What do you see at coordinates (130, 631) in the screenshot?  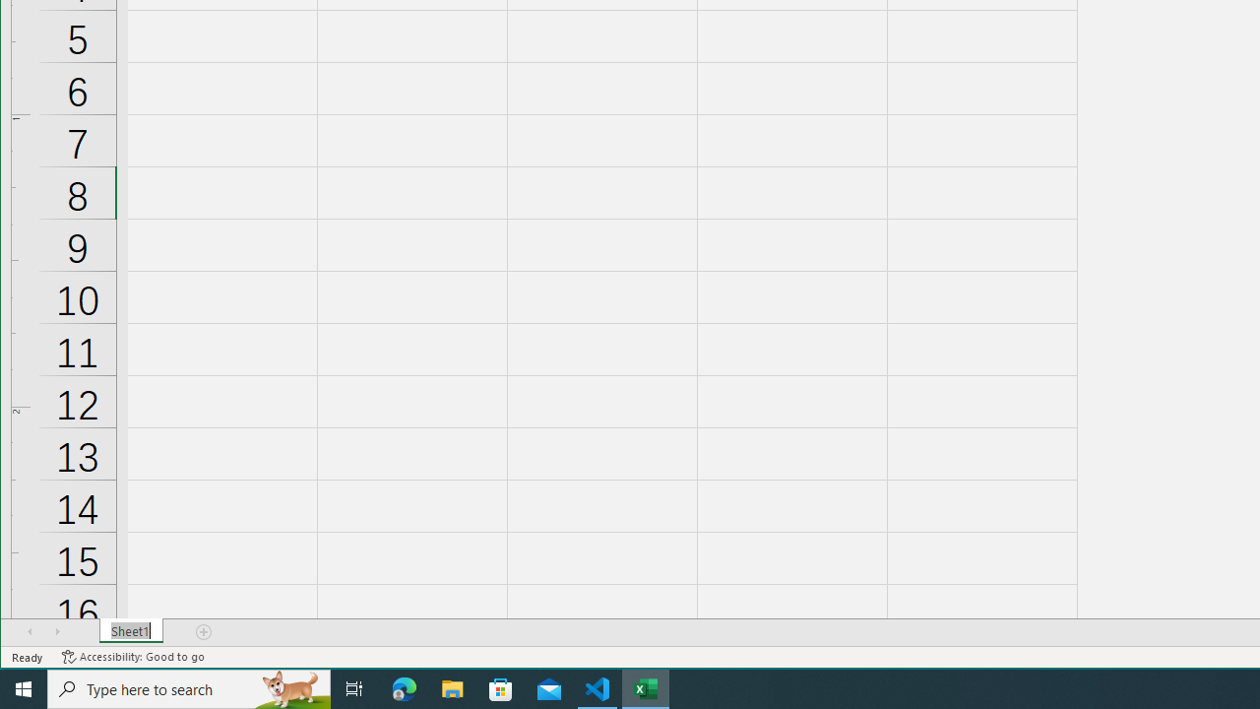 I see `'Sheet Tab'` at bounding box center [130, 631].